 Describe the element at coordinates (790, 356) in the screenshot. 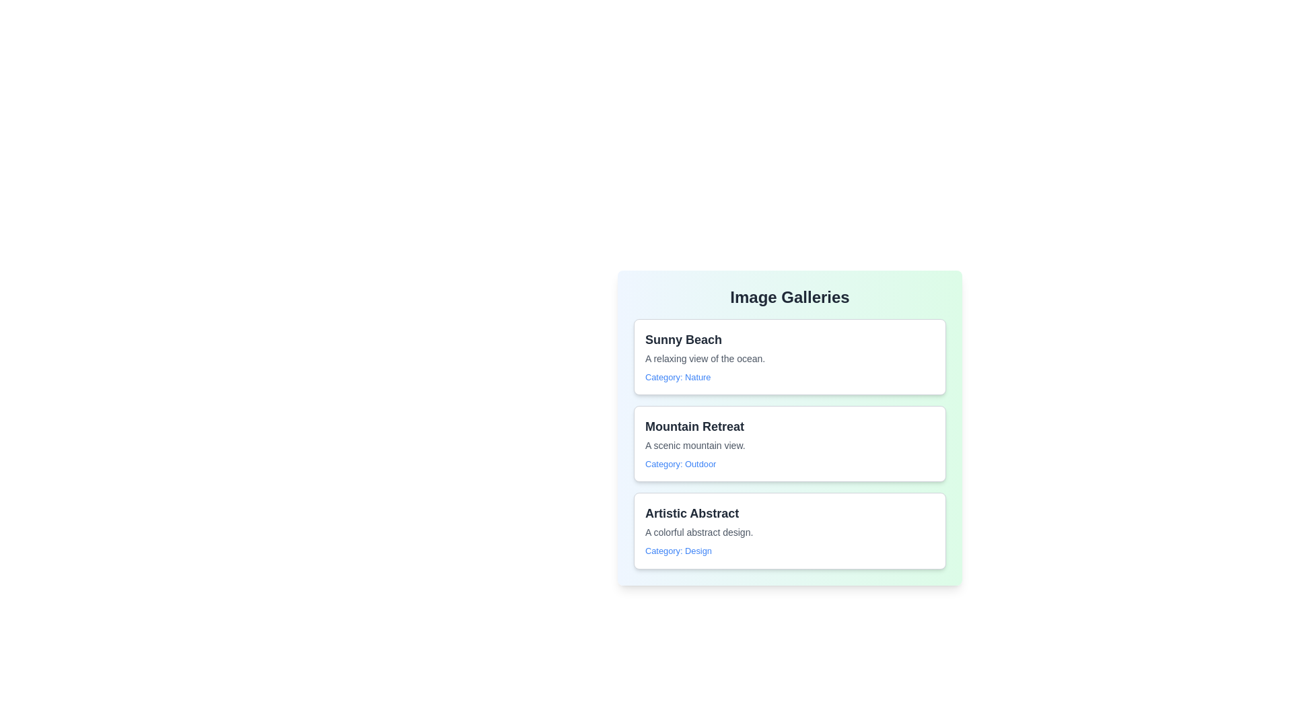

I see `the gallery item Sunny Beach from the list` at that location.